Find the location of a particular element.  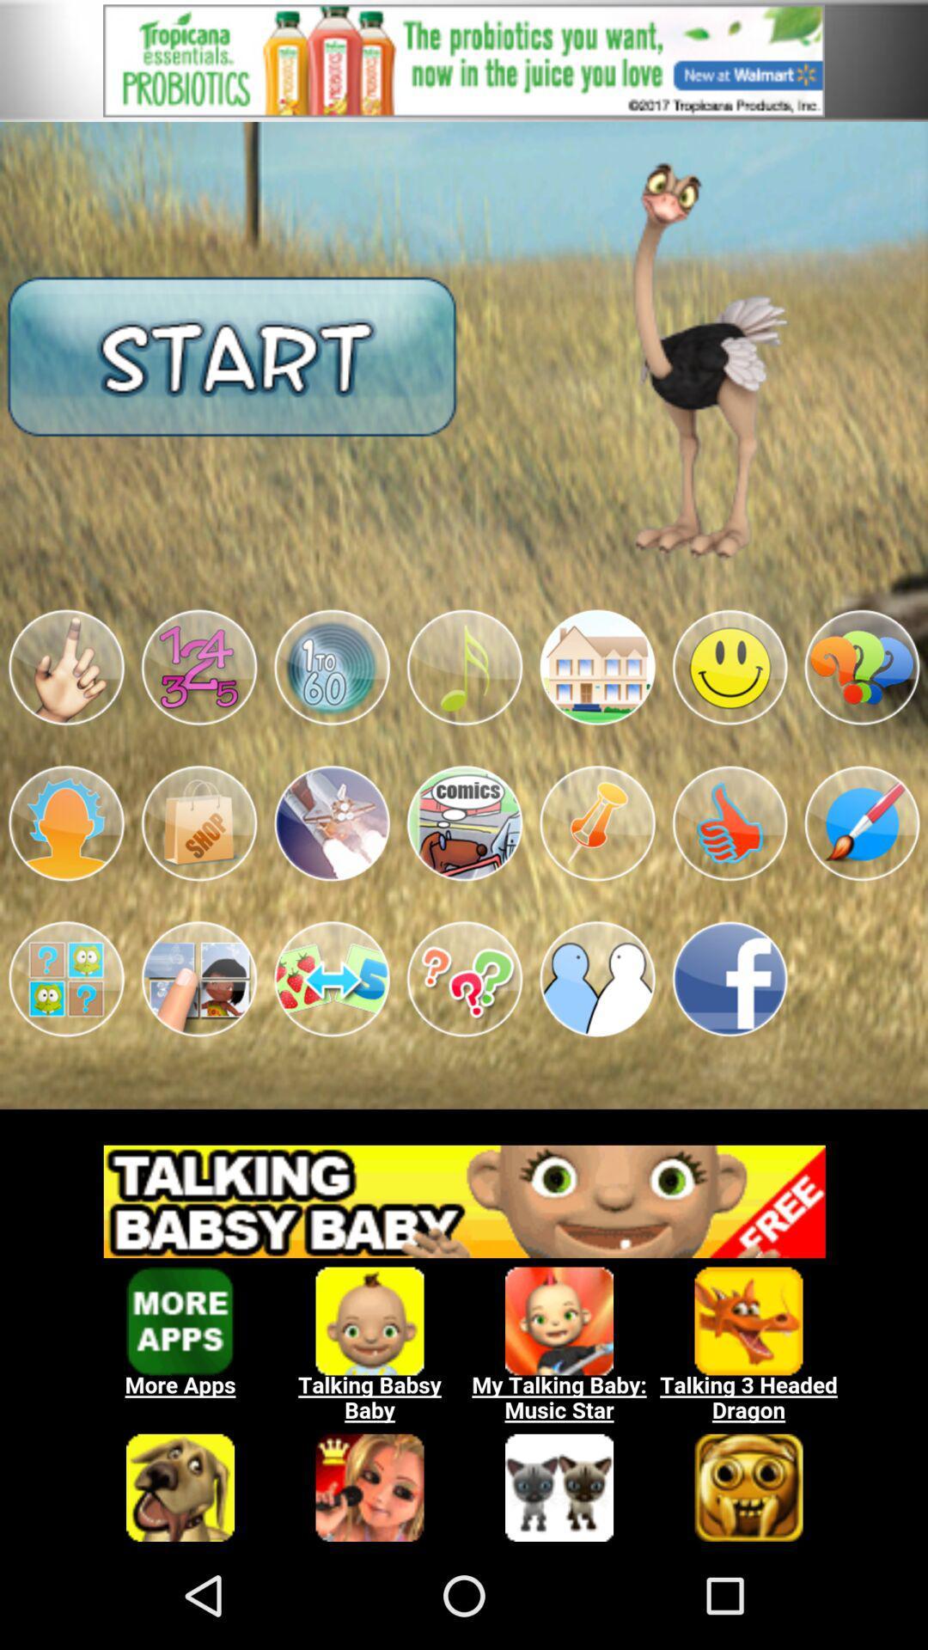

music is located at coordinates (464, 667).